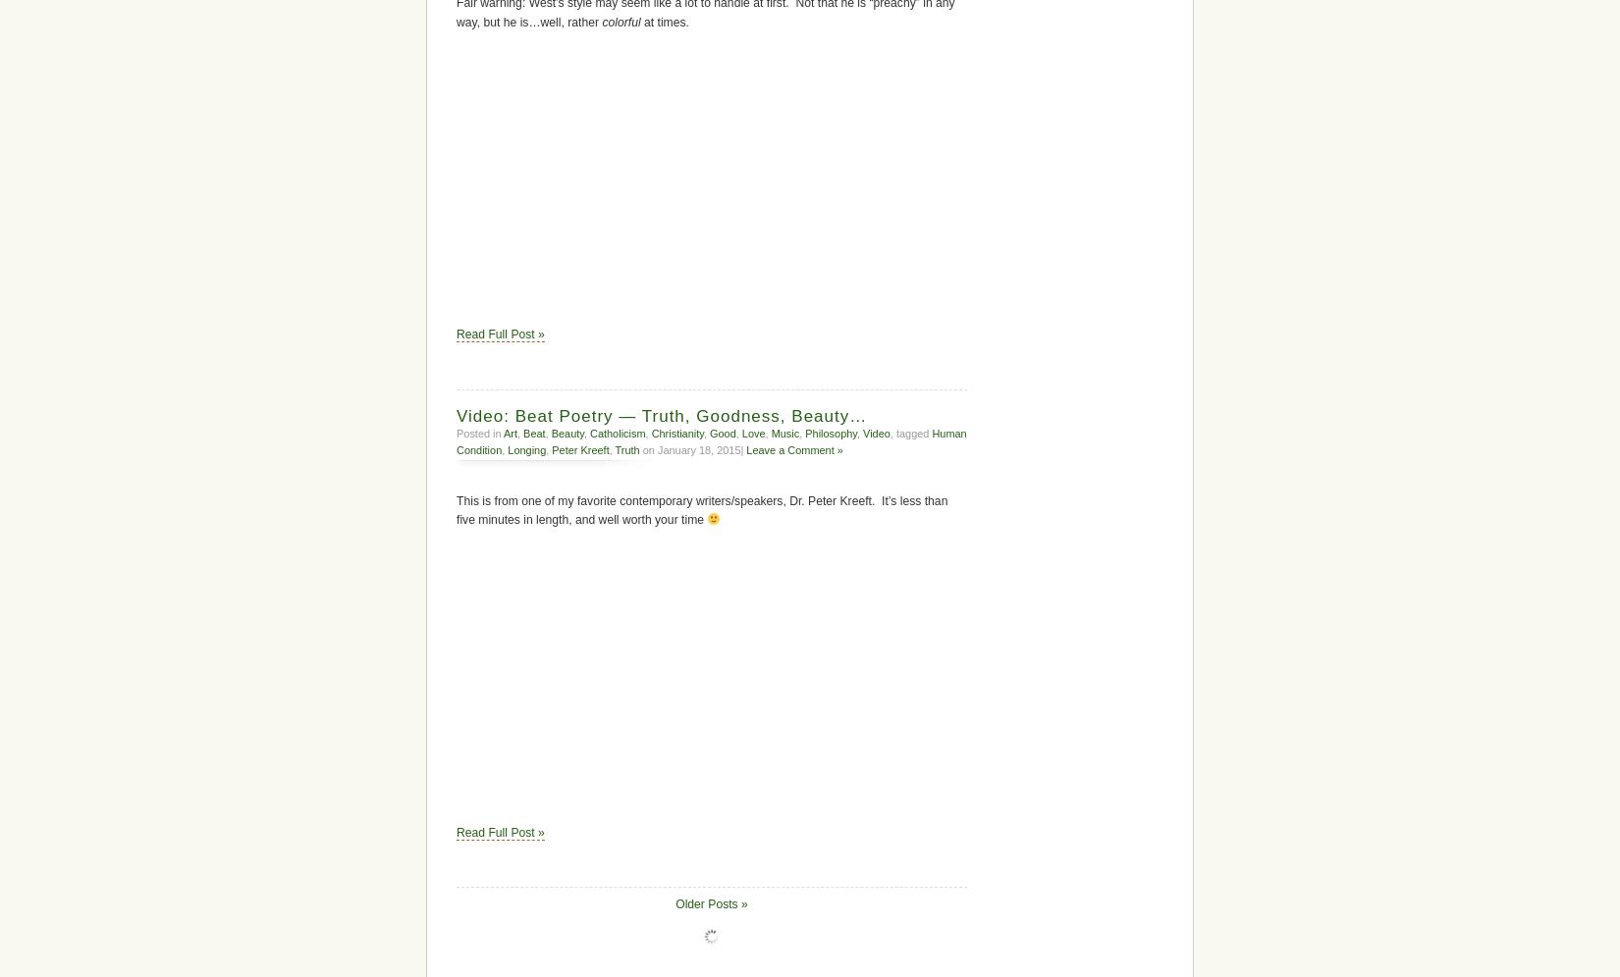 The width and height of the screenshot is (1620, 977). What do you see at coordinates (675, 903) in the screenshot?
I see `'Older Posts »'` at bounding box center [675, 903].